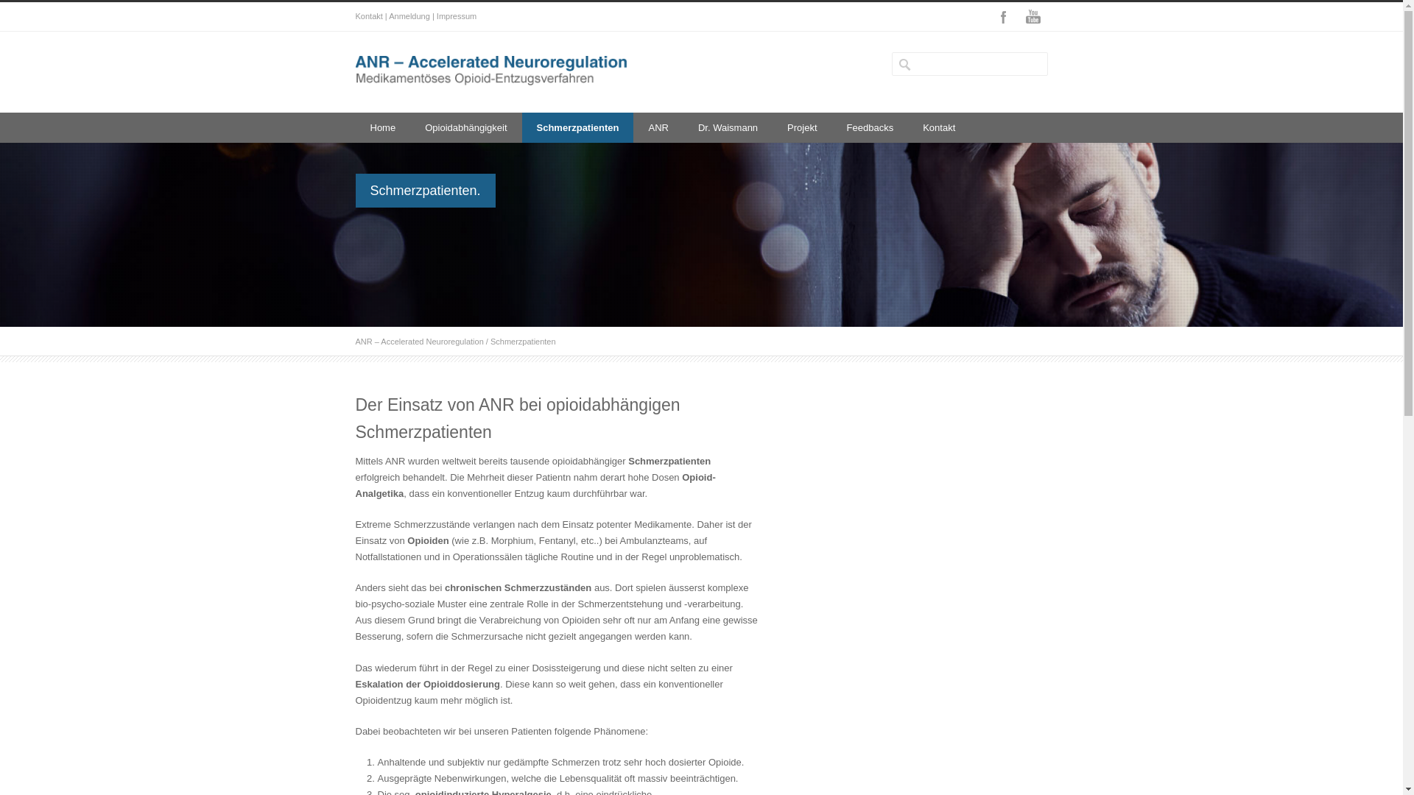 The height and width of the screenshot is (795, 1414). What do you see at coordinates (728, 127) in the screenshot?
I see `'Dr. Waismann'` at bounding box center [728, 127].